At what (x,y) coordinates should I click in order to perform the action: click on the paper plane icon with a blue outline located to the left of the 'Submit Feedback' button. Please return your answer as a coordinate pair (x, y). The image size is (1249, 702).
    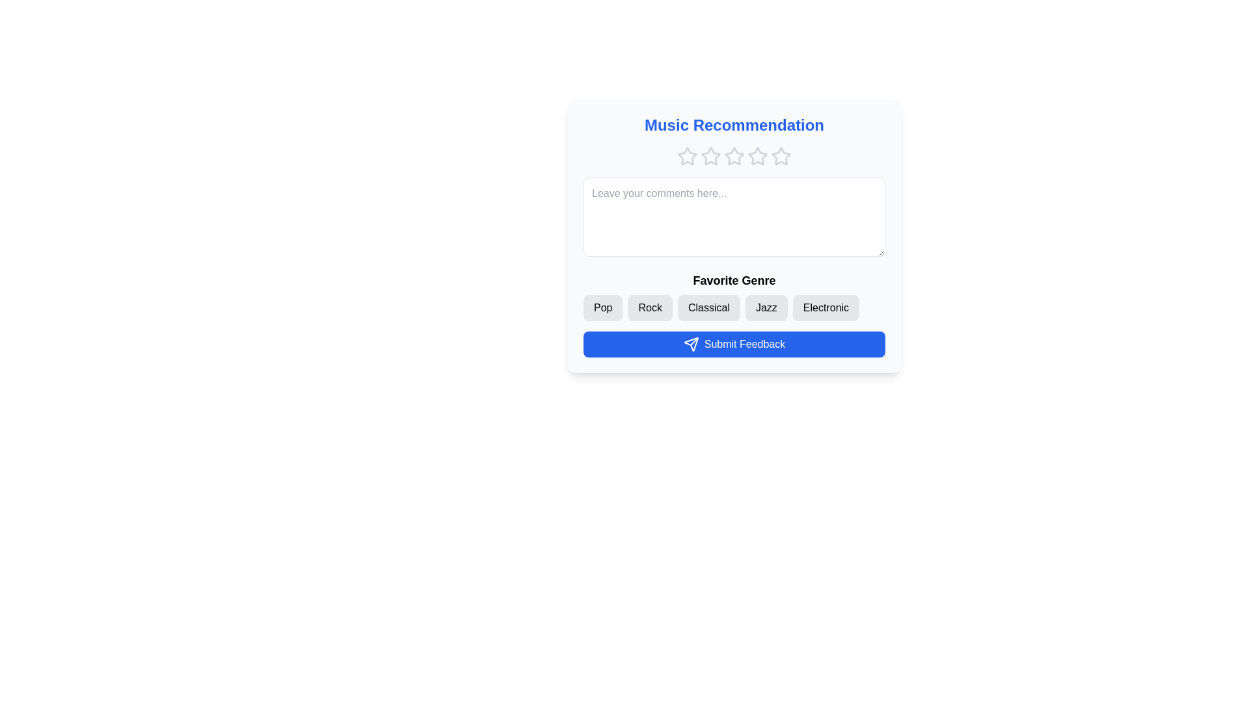
    Looking at the image, I should click on (690, 343).